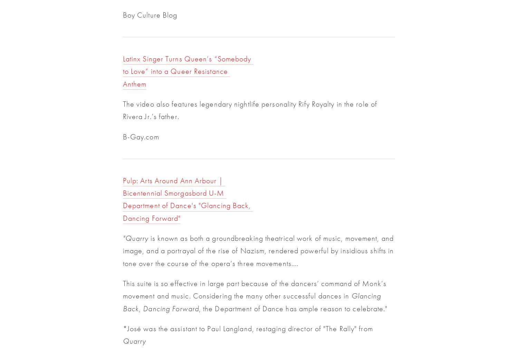 This screenshot has height=354, width=518. I want to click on ', the Department of Dance has ample reason to celebrate."', so click(292, 308).